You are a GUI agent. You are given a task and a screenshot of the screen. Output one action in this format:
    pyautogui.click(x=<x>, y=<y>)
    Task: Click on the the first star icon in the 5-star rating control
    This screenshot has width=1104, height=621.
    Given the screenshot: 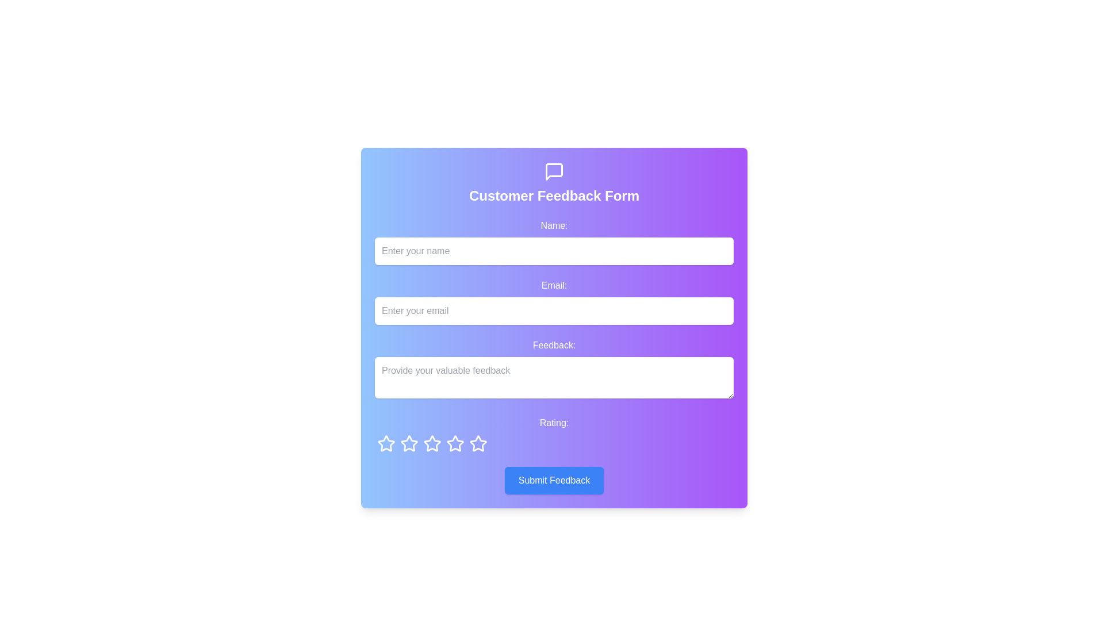 What is the action you would take?
    pyautogui.click(x=386, y=443)
    